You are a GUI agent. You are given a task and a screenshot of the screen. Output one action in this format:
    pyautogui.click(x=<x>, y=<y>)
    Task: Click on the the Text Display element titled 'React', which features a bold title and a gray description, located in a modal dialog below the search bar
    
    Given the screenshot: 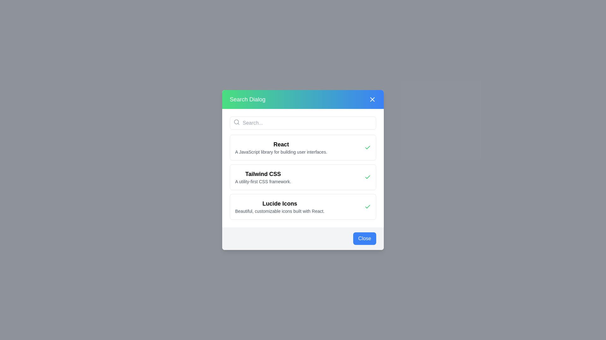 What is the action you would take?
    pyautogui.click(x=281, y=148)
    